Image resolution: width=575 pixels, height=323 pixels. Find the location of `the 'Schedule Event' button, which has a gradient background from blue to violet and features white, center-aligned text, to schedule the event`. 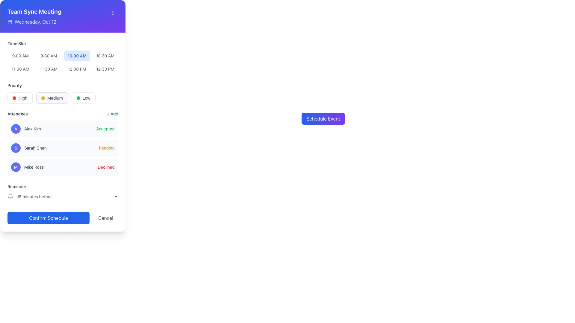

the 'Schedule Event' button, which has a gradient background from blue to violet and features white, center-aligned text, to schedule the event is located at coordinates (323, 119).